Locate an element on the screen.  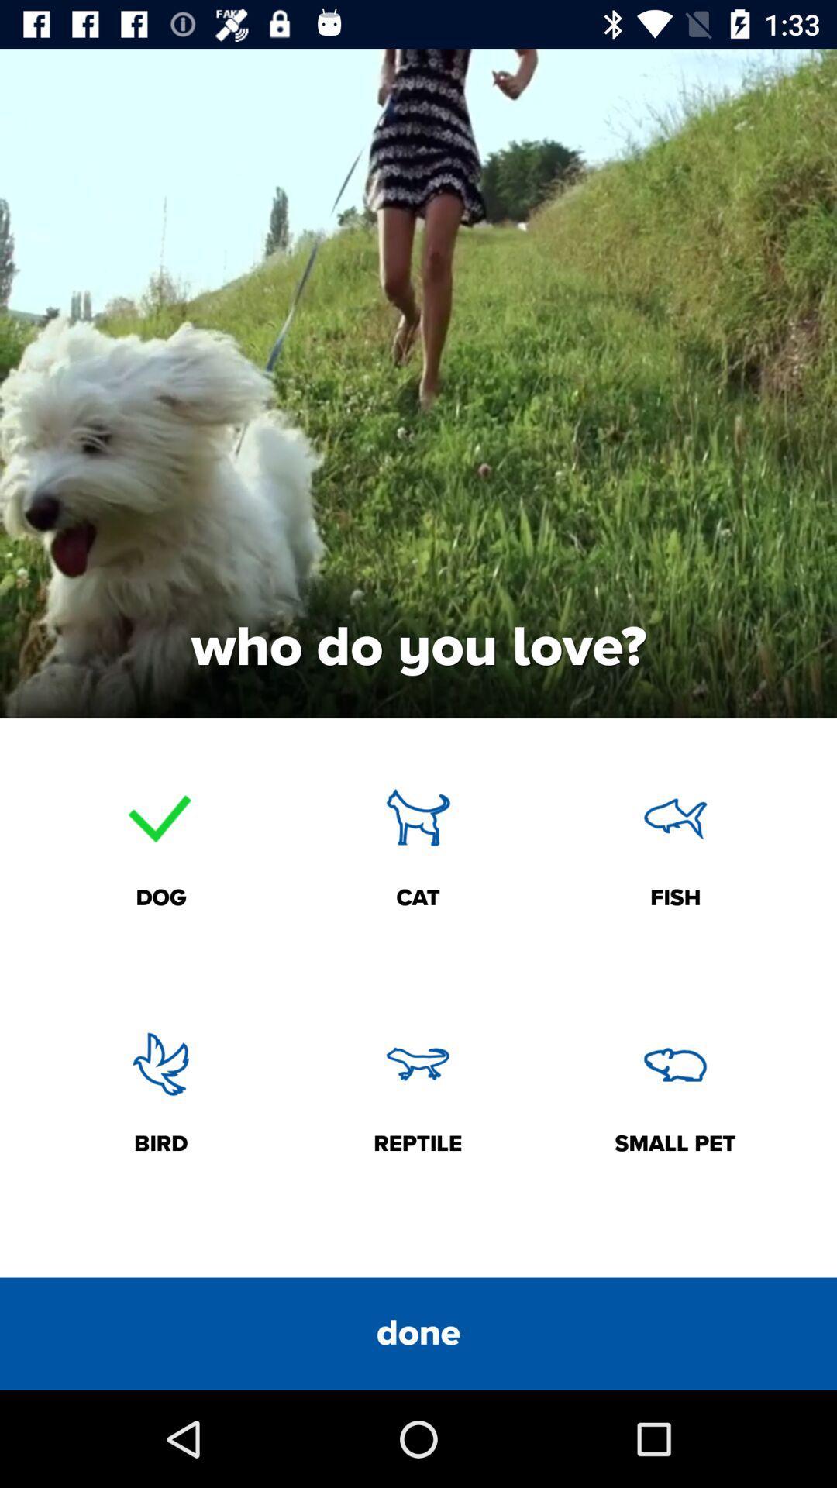
the bird icon is located at coordinates (161, 1063).